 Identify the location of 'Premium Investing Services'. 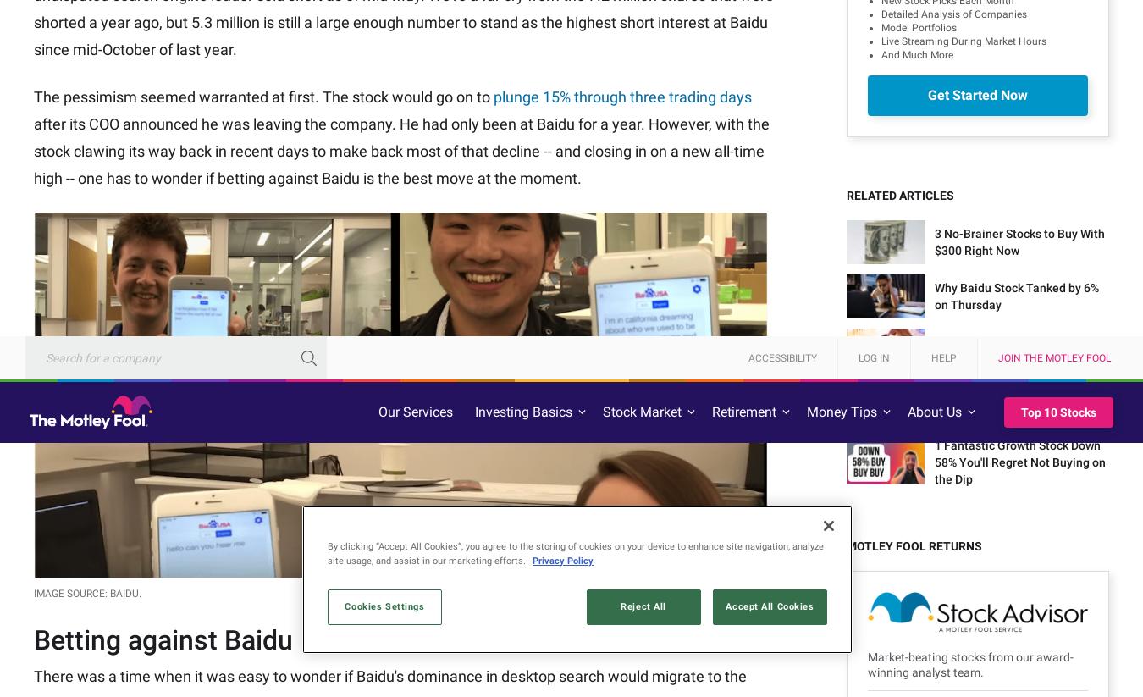
(198, 585).